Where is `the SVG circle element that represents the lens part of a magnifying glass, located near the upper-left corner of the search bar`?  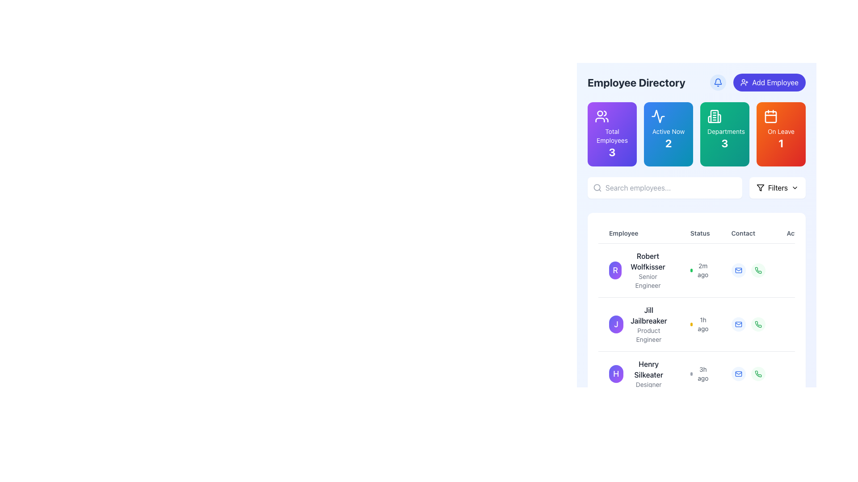
the SVG circle element that represents the lens part of a magnifying glass, located near the upper-left corner of the search bar is located at coordinates (597, 187).